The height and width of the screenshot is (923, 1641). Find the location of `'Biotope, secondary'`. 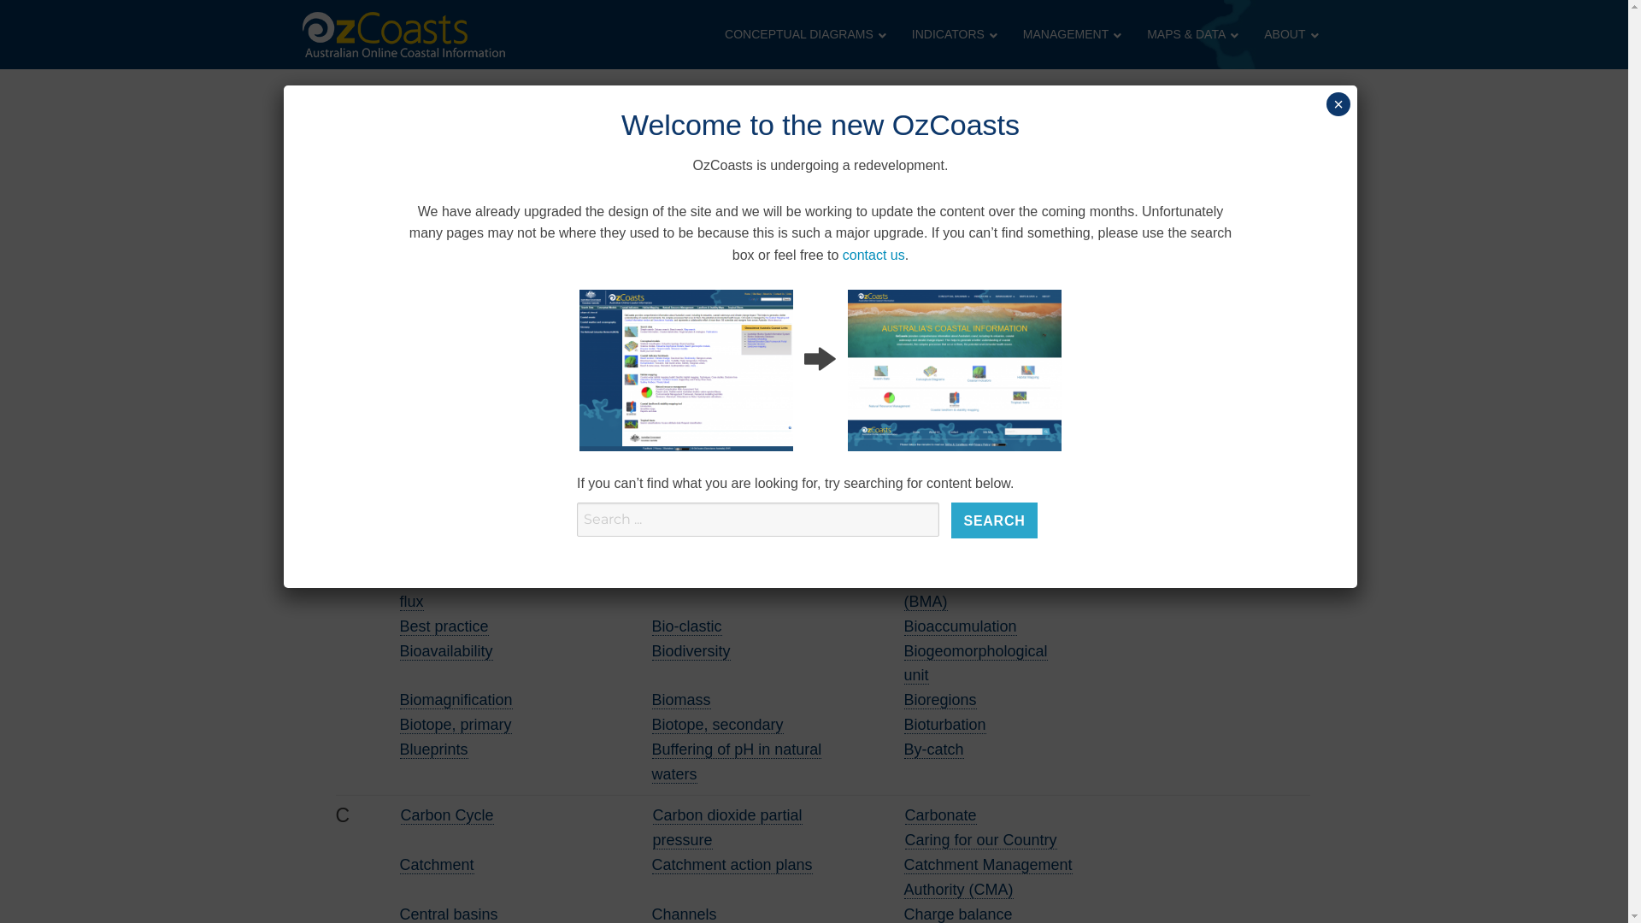

'Biotope, secondary' is located at coordinates (717, 725).